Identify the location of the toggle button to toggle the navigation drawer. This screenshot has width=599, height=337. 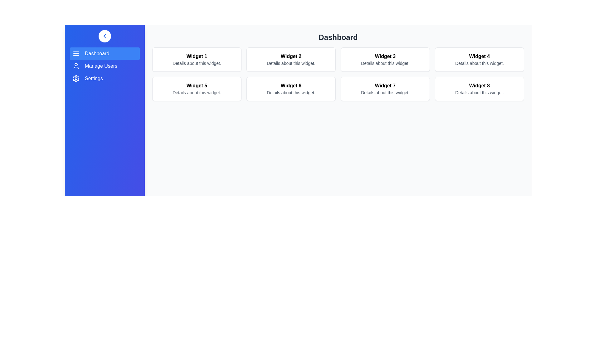
(105, 36).